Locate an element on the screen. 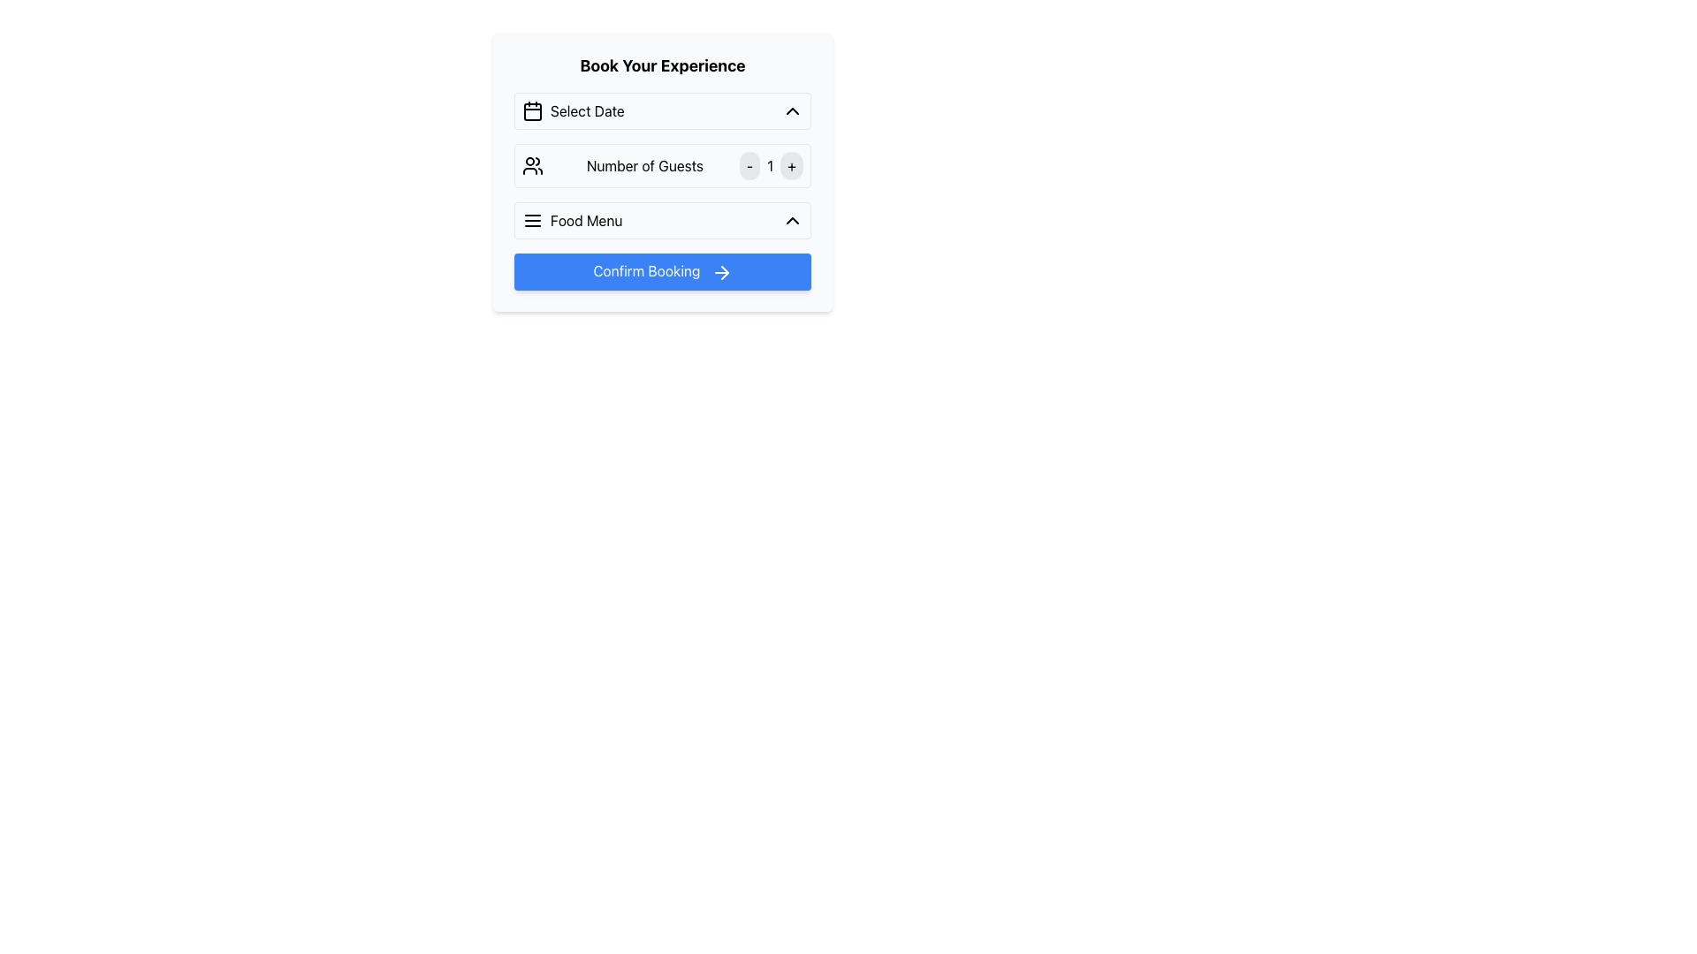  the Arrow icon located on the right end of the 'Confirm Booking' button is located at coordinates (721, 272).